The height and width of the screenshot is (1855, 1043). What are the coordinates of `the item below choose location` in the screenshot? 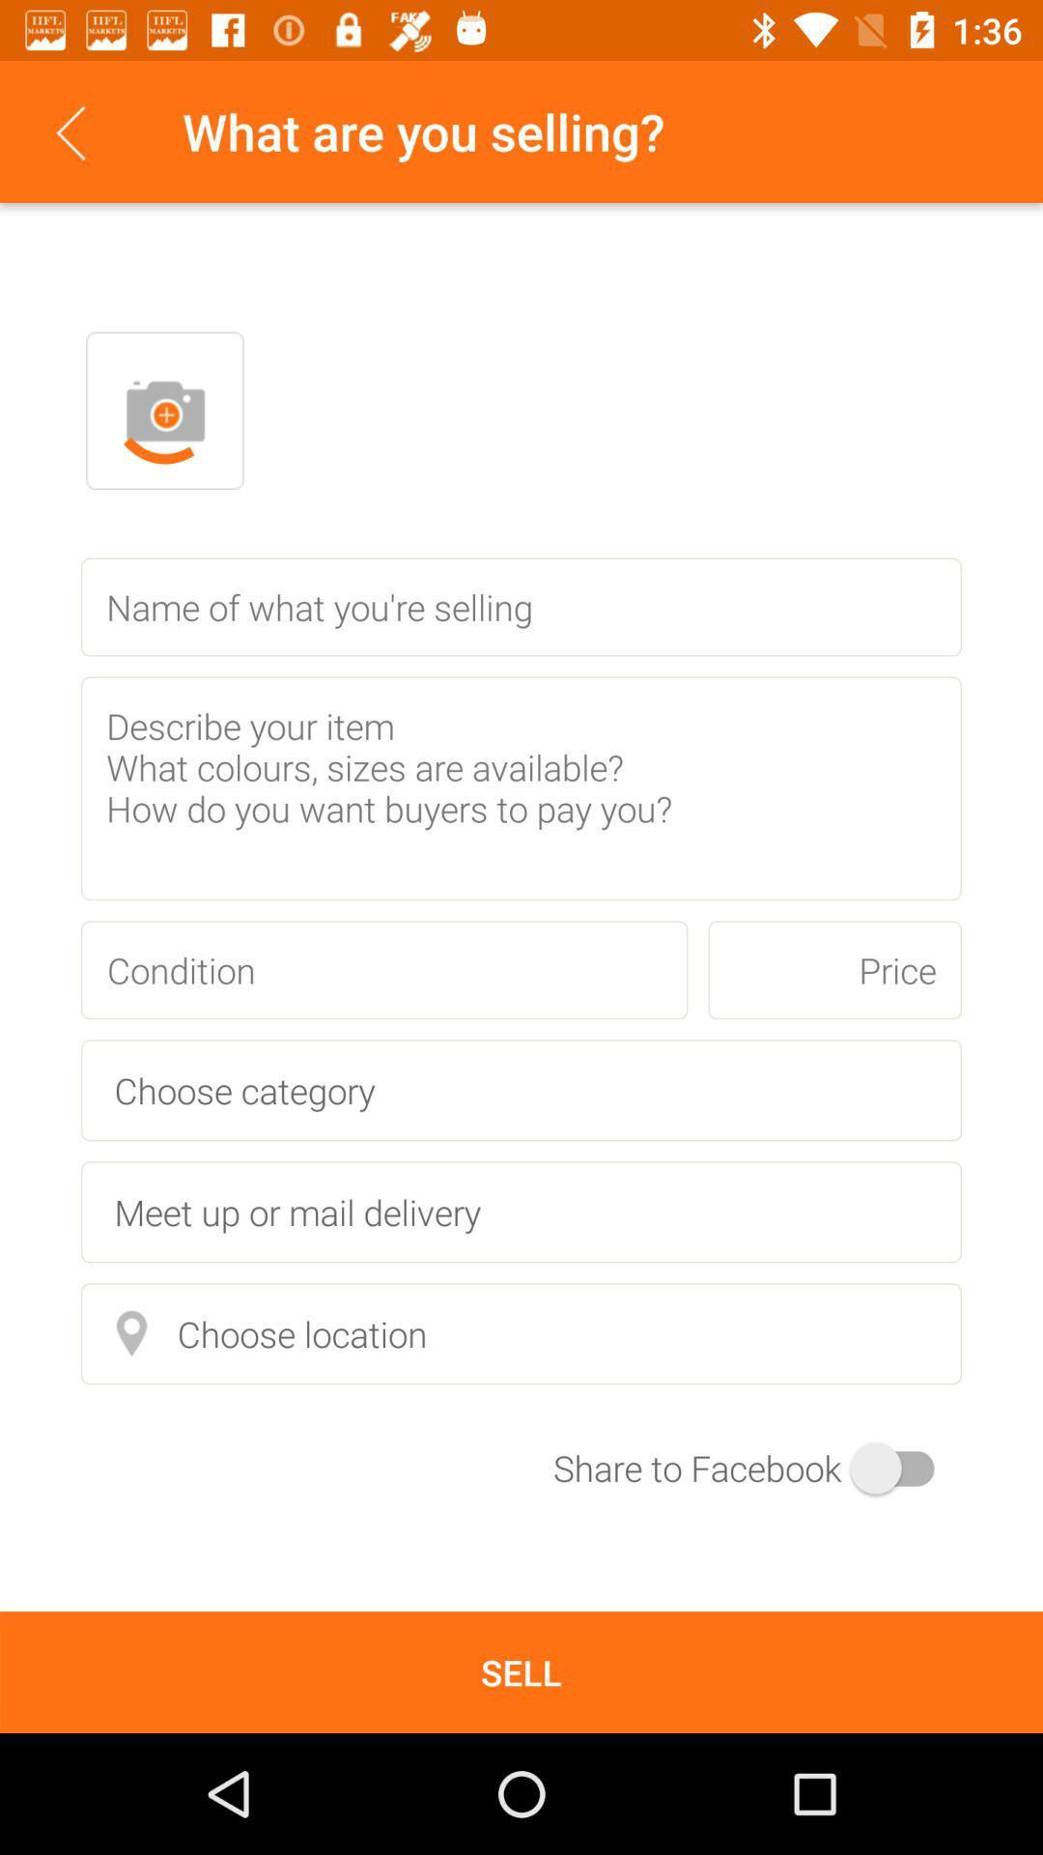 It's located at (756, 1468).